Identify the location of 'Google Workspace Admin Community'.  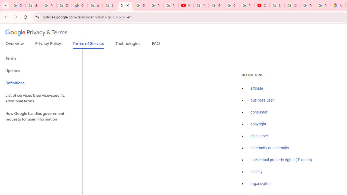
(18, 5).